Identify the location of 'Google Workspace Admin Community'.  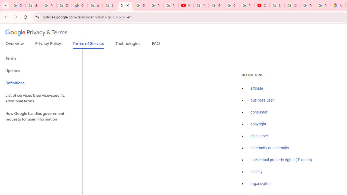
(18, 5).